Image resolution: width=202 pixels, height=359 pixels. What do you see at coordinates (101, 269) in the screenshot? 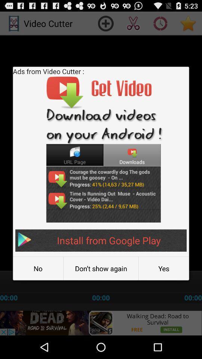
I see `the icon next to yes button` at bounding box center [101, 269].